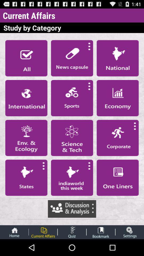 The width and height of the screenshot is (144, 256). I want to click on settings, so click(129, 232).